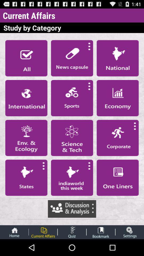 The width and height of the screenshot is (144, 256). I want to click on settings, so click(129, 232).